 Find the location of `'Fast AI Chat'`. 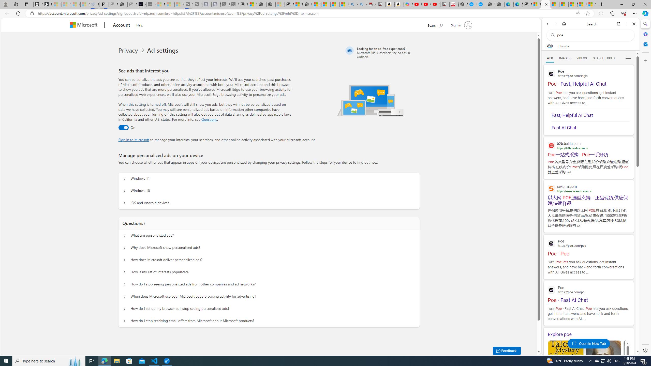

'Fast AI Chat' is located at coordinates (590, 126).